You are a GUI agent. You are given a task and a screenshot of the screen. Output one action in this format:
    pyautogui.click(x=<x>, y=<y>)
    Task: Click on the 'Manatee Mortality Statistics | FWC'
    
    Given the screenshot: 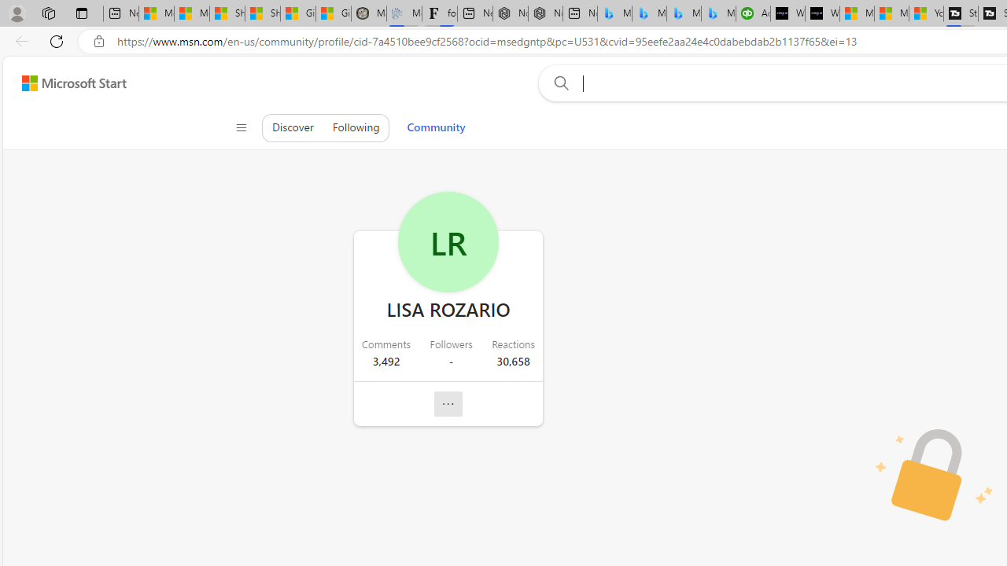 What is the action you would take?
    pyautogui.click(x=368, y=13)
    